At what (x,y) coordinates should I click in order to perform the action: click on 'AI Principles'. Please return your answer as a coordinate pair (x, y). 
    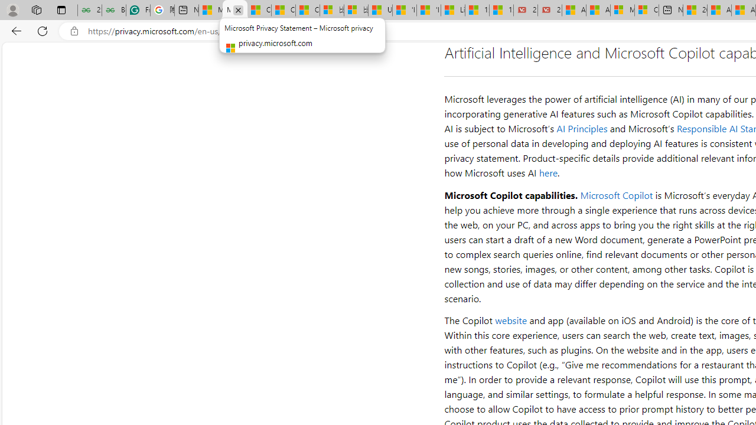
    Looking at the image, I should click on (582, 129).